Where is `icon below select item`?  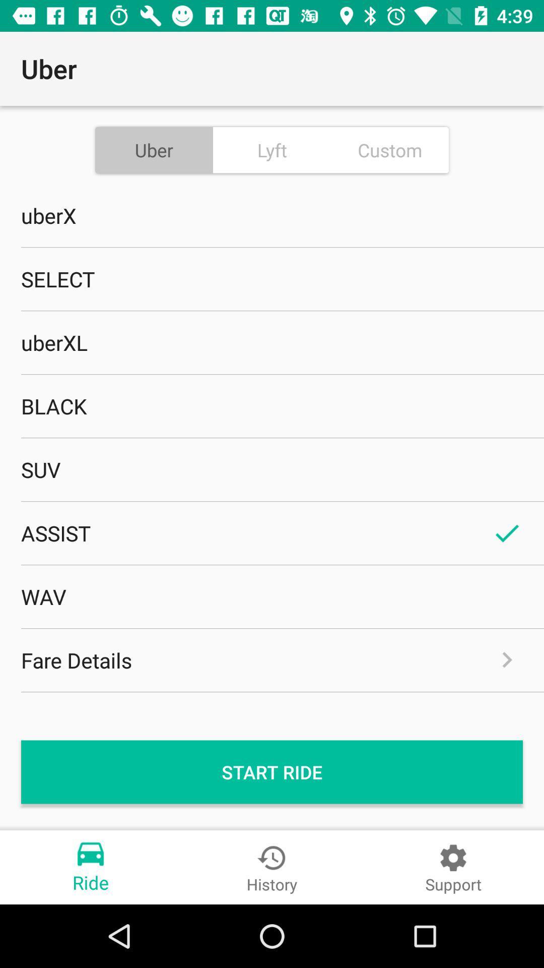
icon below select item is located at coordinates (272, 342).